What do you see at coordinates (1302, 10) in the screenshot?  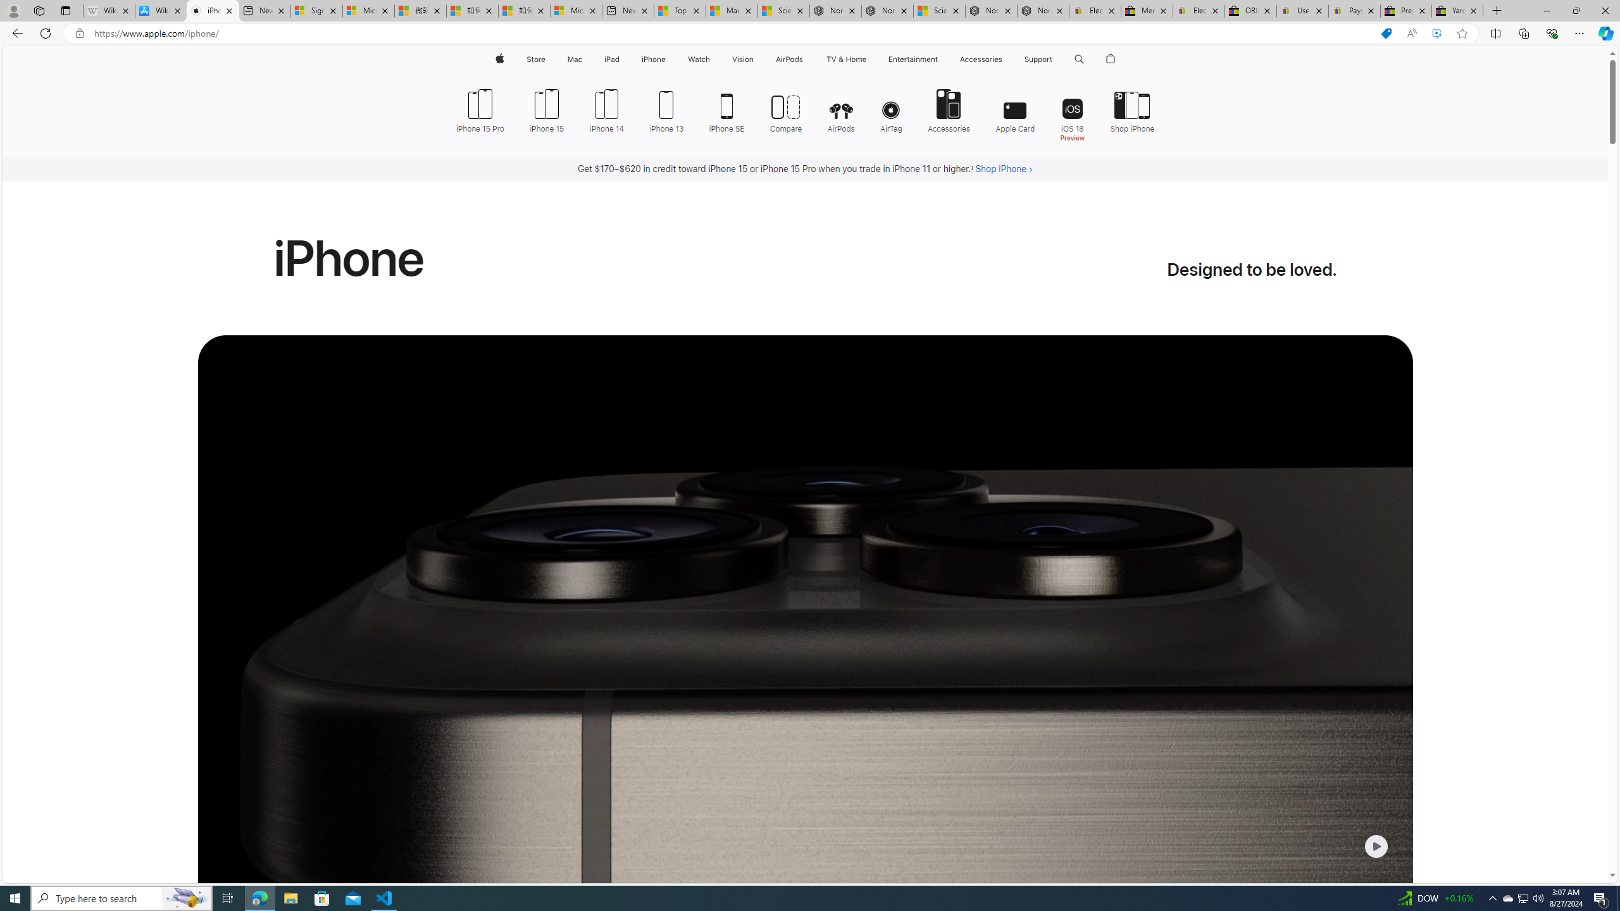 I see `'User Privacy Notice | eBay'` at bounding box center [1302, 10].